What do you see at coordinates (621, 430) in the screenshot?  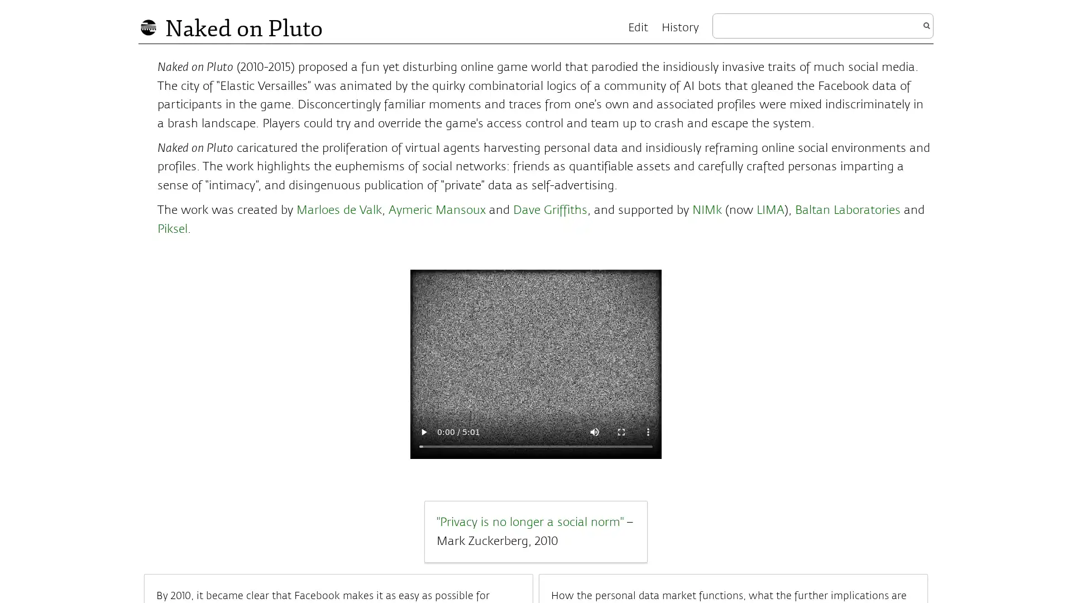 I see `enter full screen` at bounding box center [621, 430].